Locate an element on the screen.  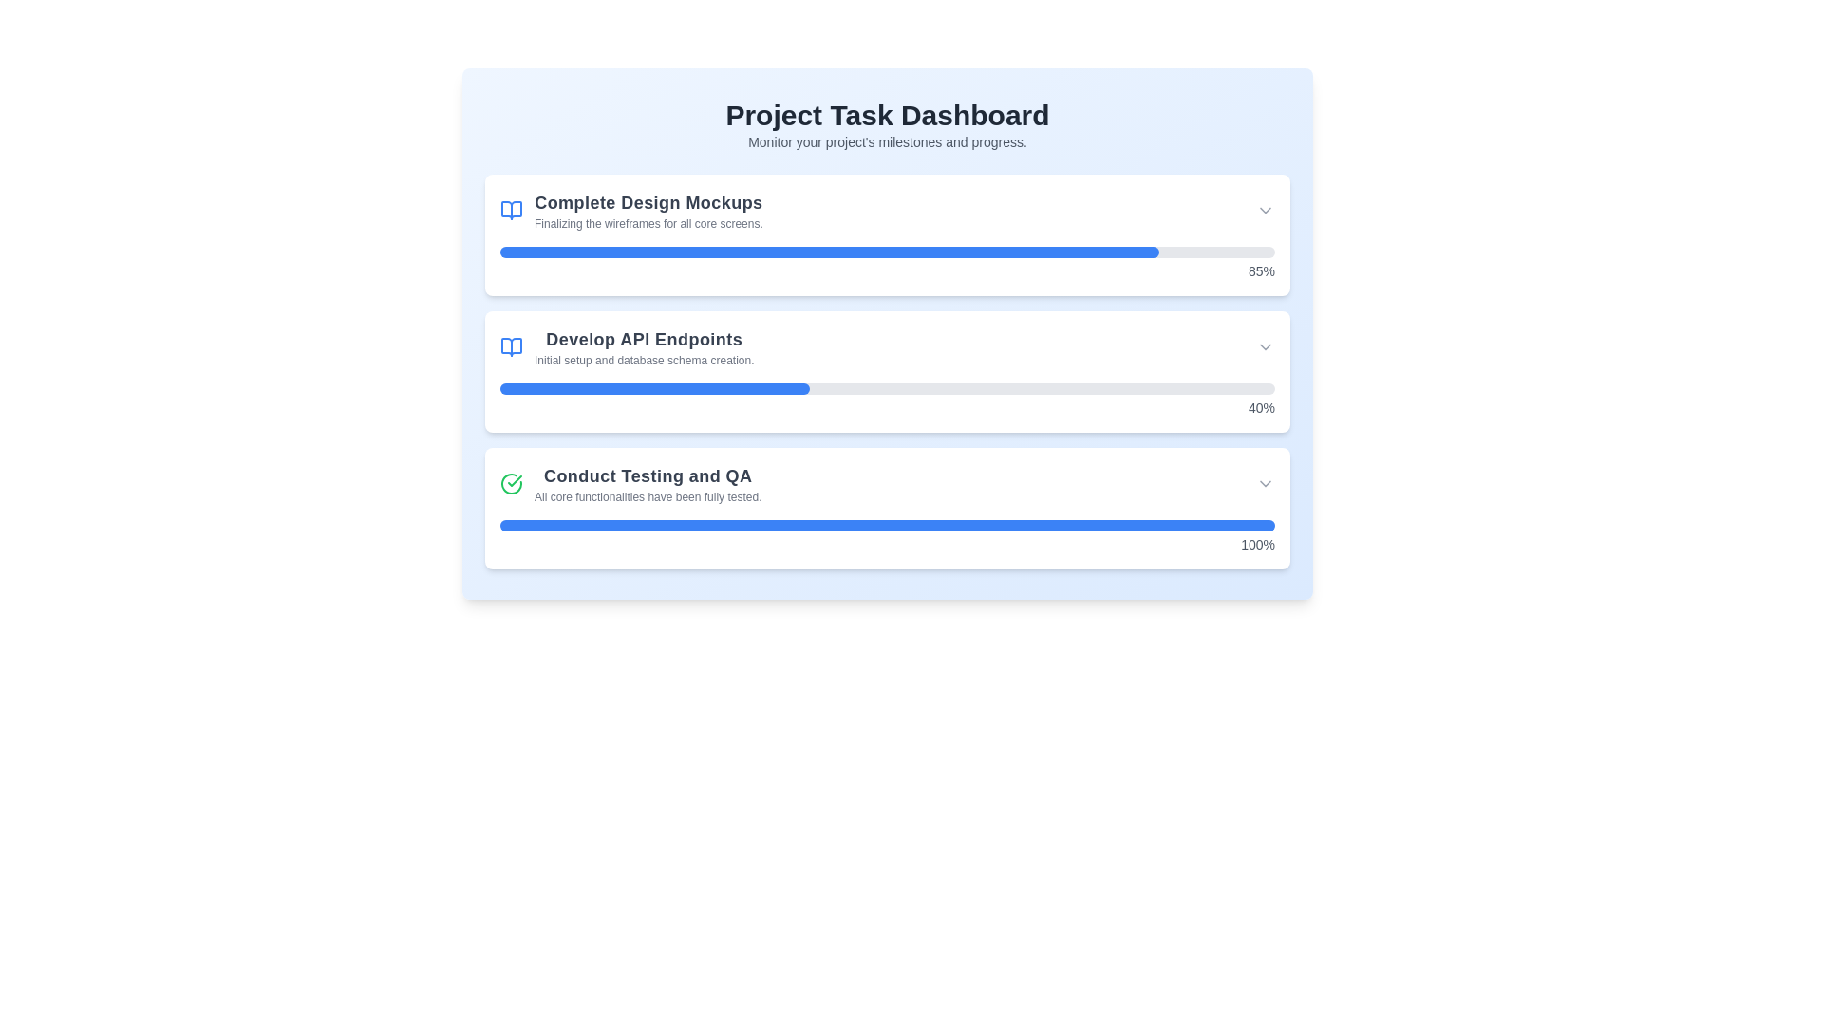
title 'Conduct Testing and QA' and subtitle 'All core functionalities have been fully tested.' from the third Task item component in the task list is located at coordinates (630, 482).